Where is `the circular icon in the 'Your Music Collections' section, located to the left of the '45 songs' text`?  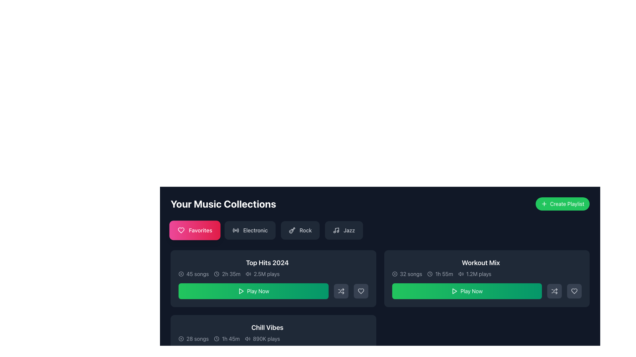
the circular icon in the 'Your Music Collections' section, located to the left of the '45 songs' text is located at coordinates (181, 274).